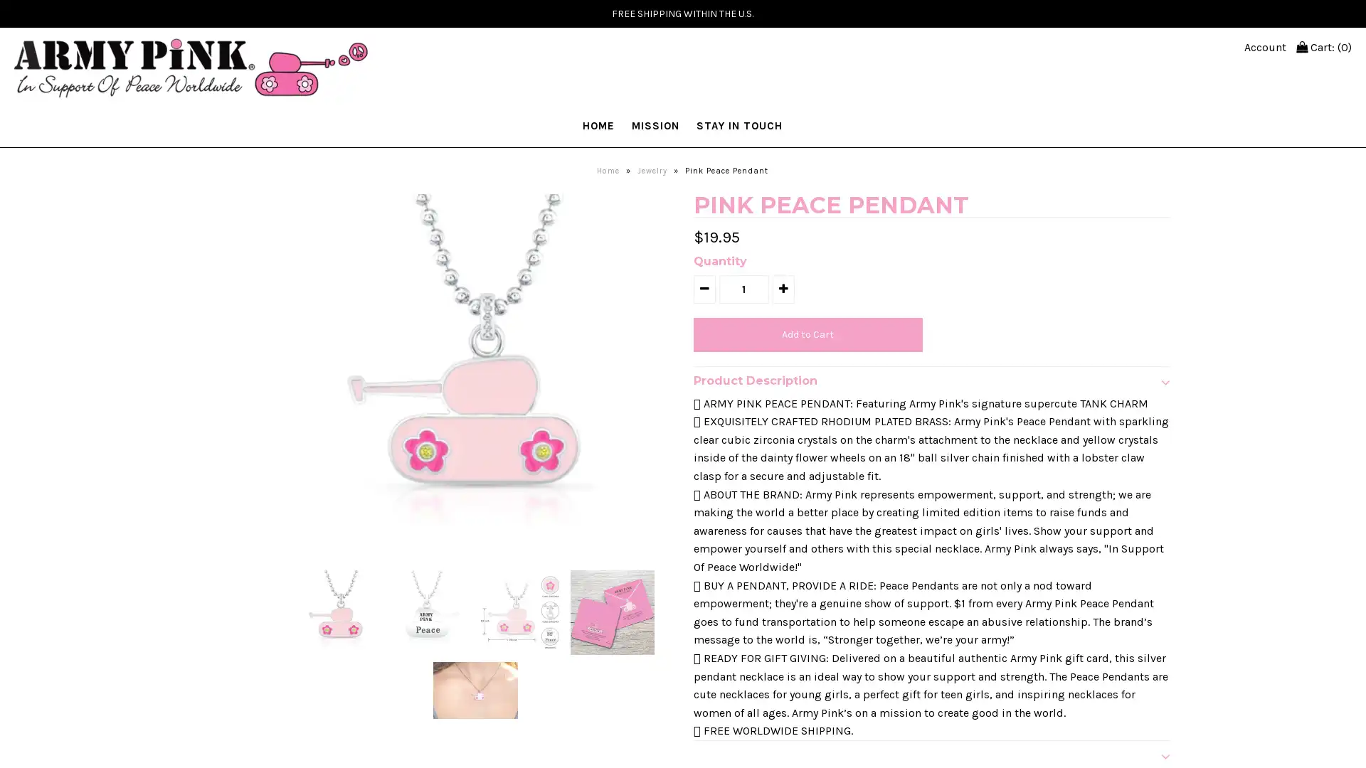 Image resolution: width=1366 pixels, height=768 pixels. What do you see at coordinates (807, 334) in the screenshot?
I see `Add to Cart` at bounding box center [807, 334].